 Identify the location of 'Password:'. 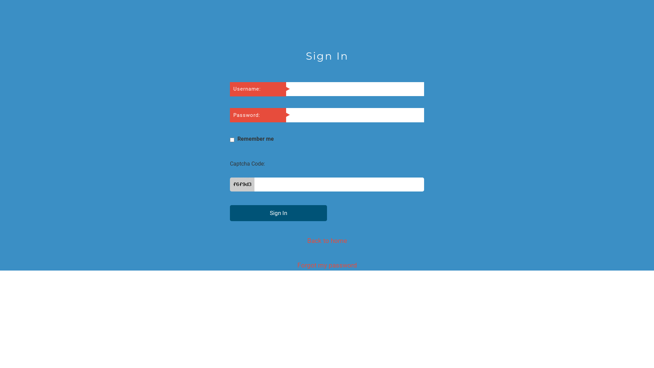
(258, 115).